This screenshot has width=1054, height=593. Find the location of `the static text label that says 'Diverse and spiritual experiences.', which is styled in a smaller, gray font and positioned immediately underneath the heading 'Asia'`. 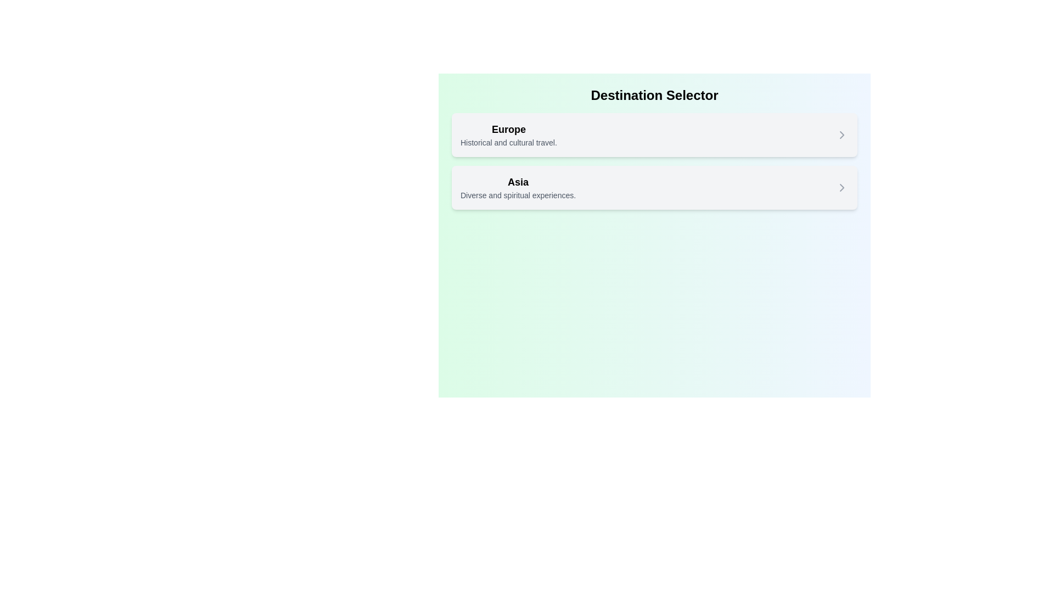

the static text label that says 'Diverse and spiritual experiences.', which is styled in a smaller, gray font and positioned immediately underneath the heading 'Asia' is located at coordinates (518, 194).